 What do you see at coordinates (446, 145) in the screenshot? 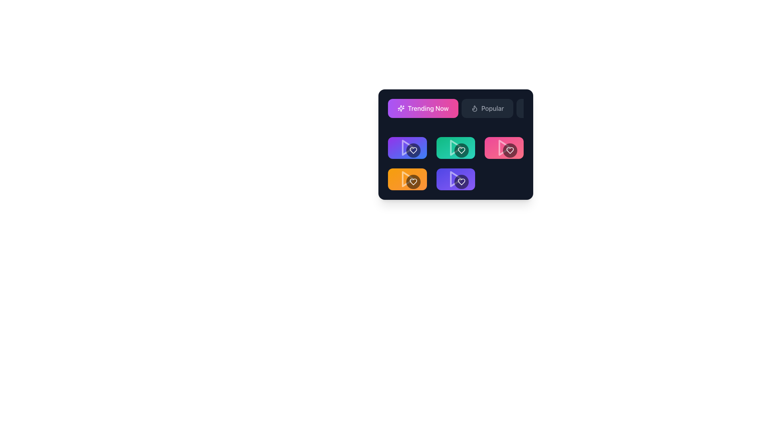
I see `the circular icon resembling a speech bubble located in the center of a green square card` at bounding box center [446, 145].